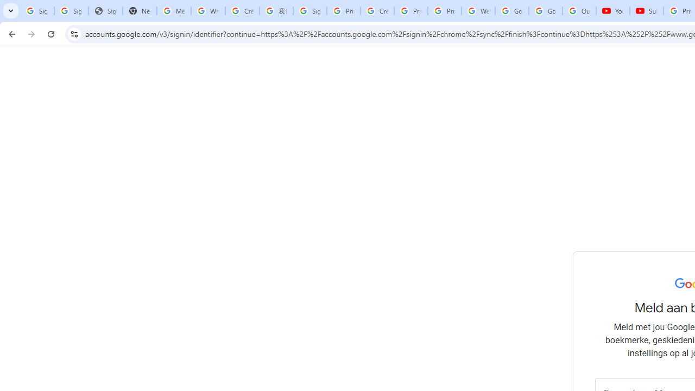 This screenshot has width=695, height=391. I want to click on 'Subscriptions - YouTube', so click(647, 11).